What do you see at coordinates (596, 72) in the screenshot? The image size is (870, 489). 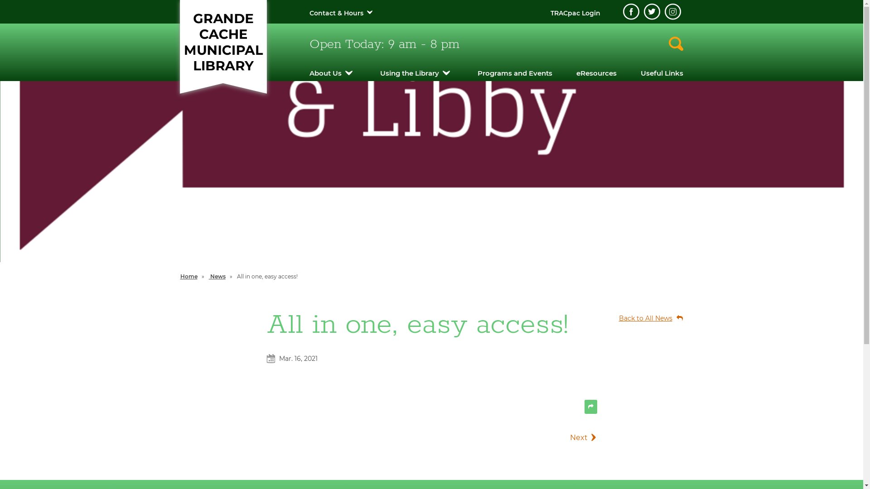 I see `'eResources'` at bounding box center [596, 72].